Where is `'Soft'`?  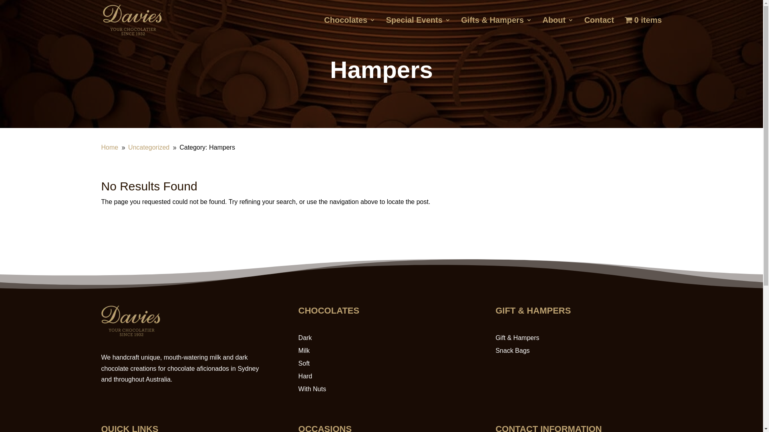
'Soft' is located at coordinates (303, 363).